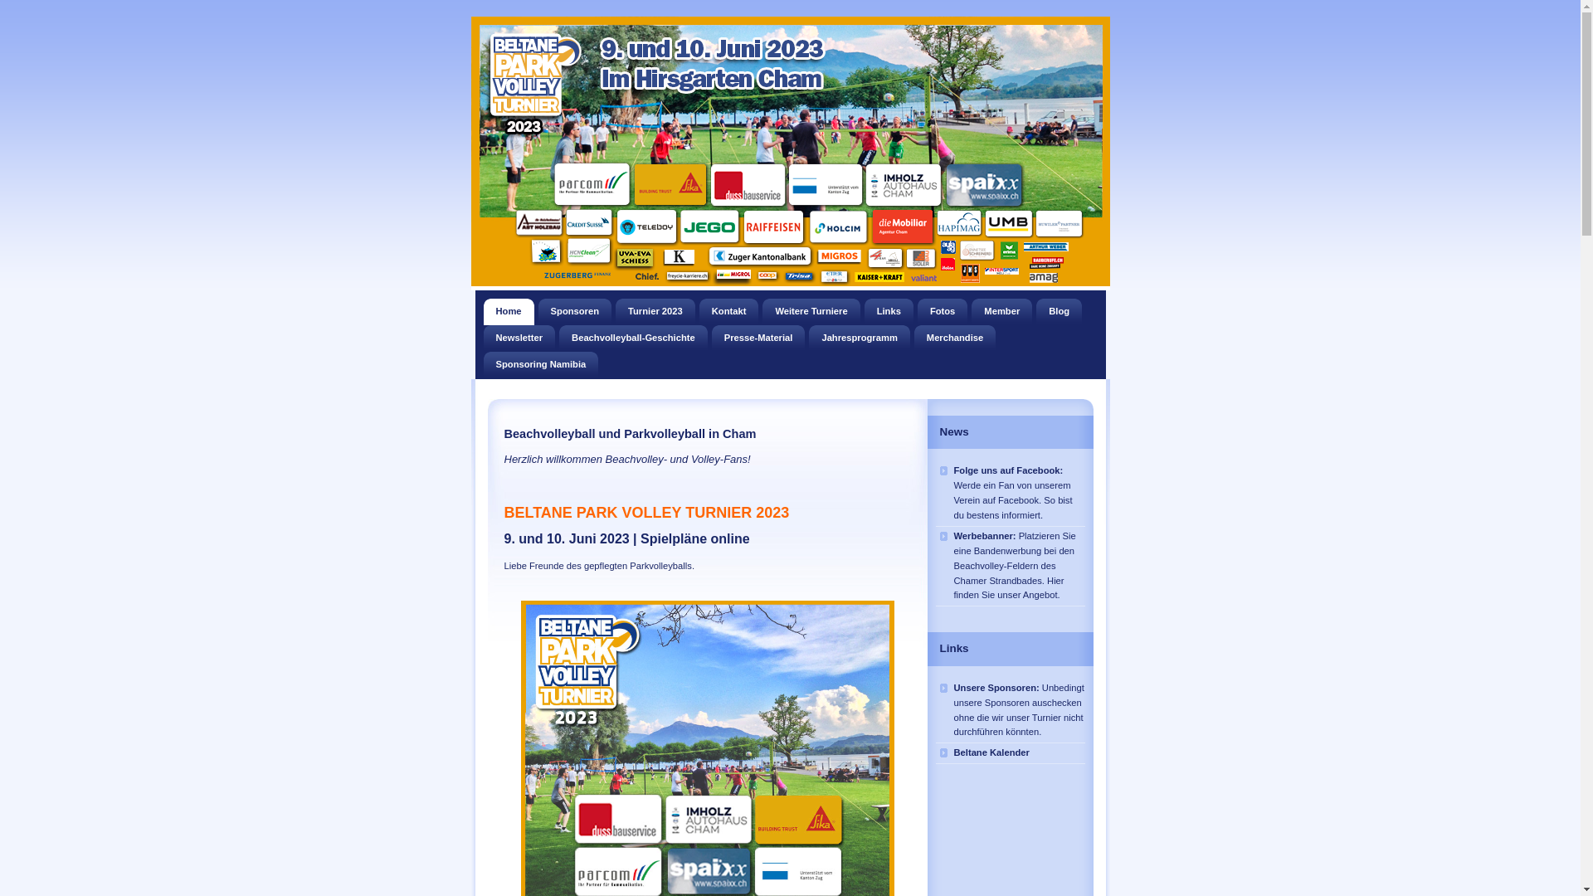  What do you see at coordinates (728, 311) in the screenshot?
I see `'Kontakt` at bounding box center [728, 311].